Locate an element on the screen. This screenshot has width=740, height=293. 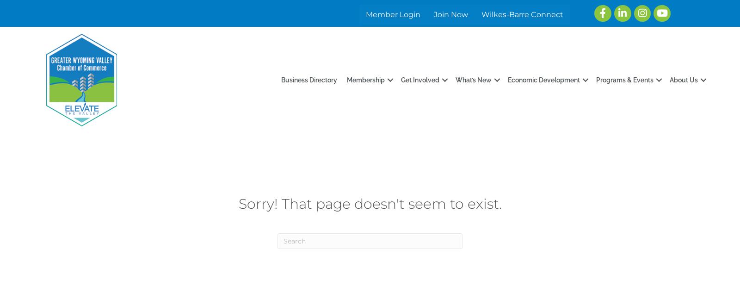
'Sorry! That page doesn't seem to exist.' is located at coordinates (370, 203).